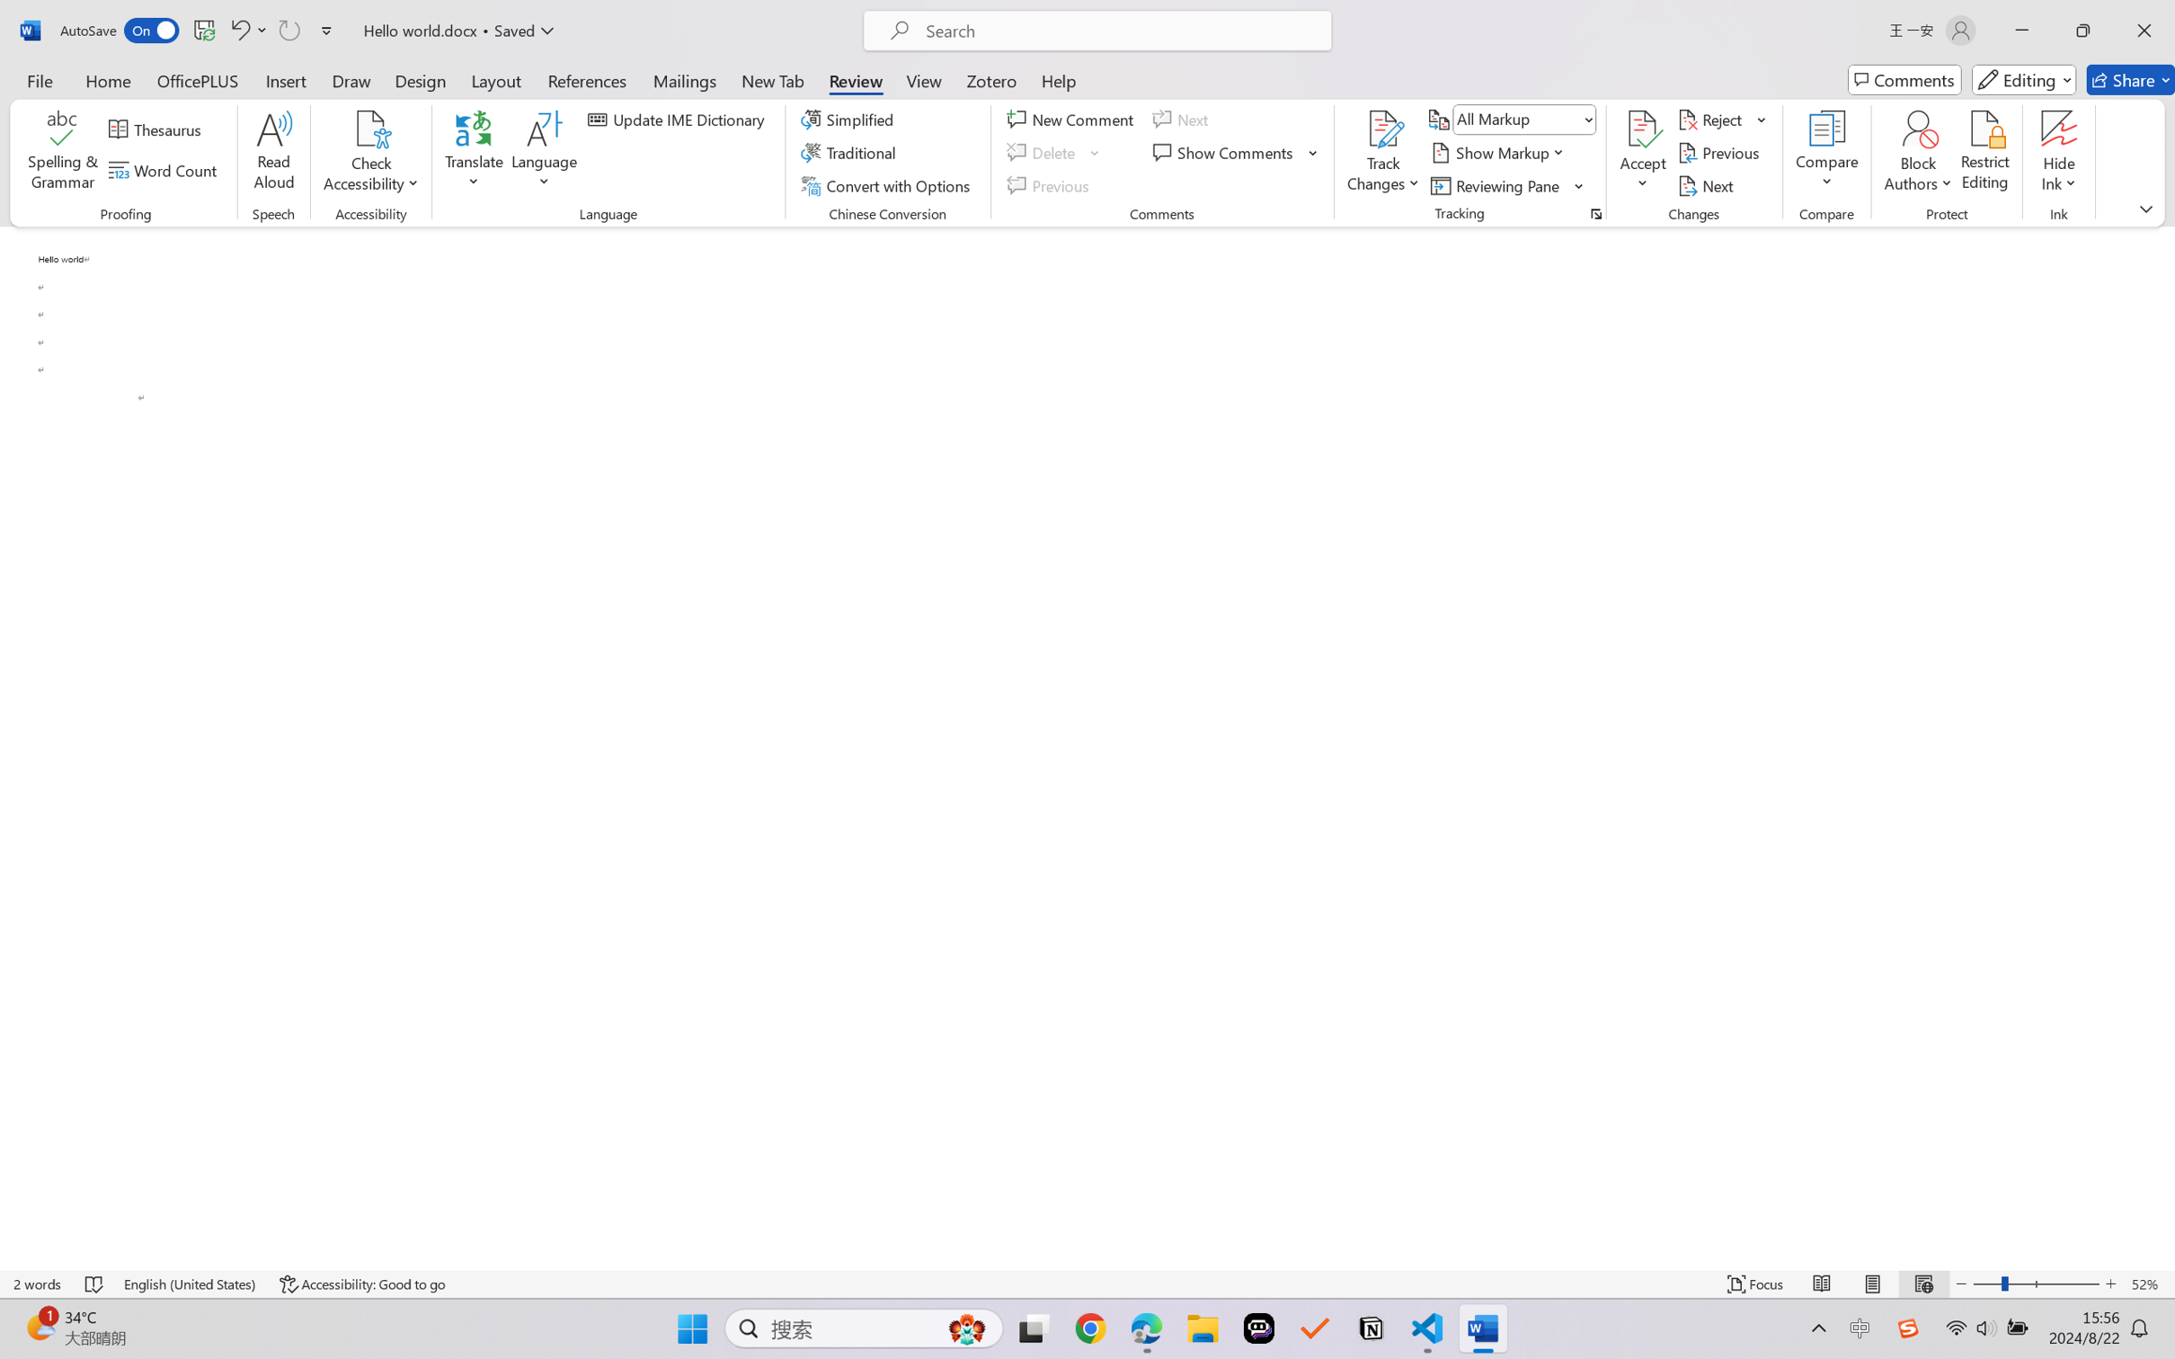 This screenshot has width=2175, height=1359. What do you see at coordinates (494, 79) in the screenshot?
I see `'Layout'` at bounding box center [494, 79].